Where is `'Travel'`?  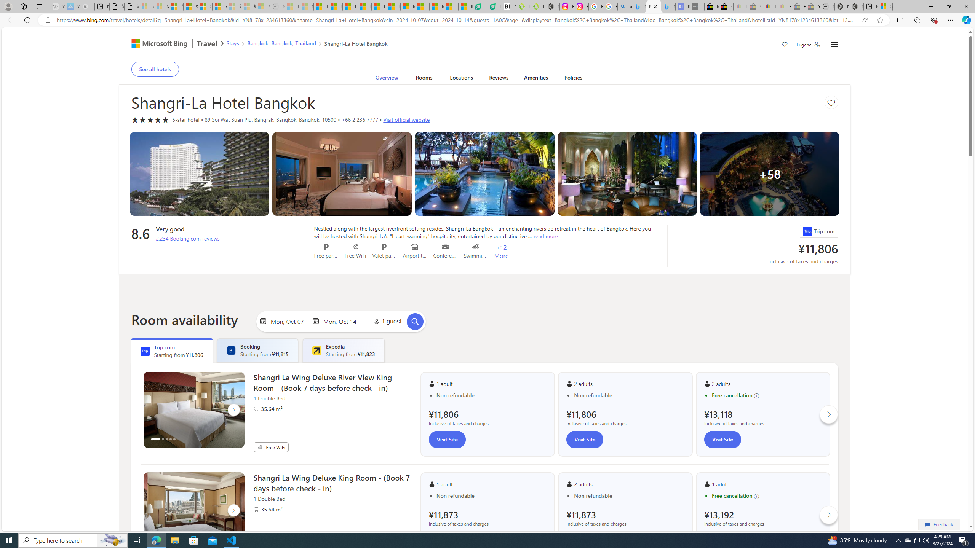 'Travel' is located at coordinates (207, 44).